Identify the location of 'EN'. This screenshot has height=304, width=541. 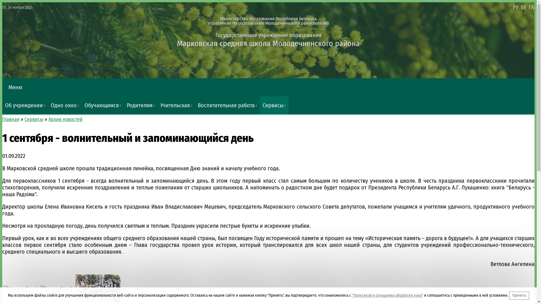
(531, 7).